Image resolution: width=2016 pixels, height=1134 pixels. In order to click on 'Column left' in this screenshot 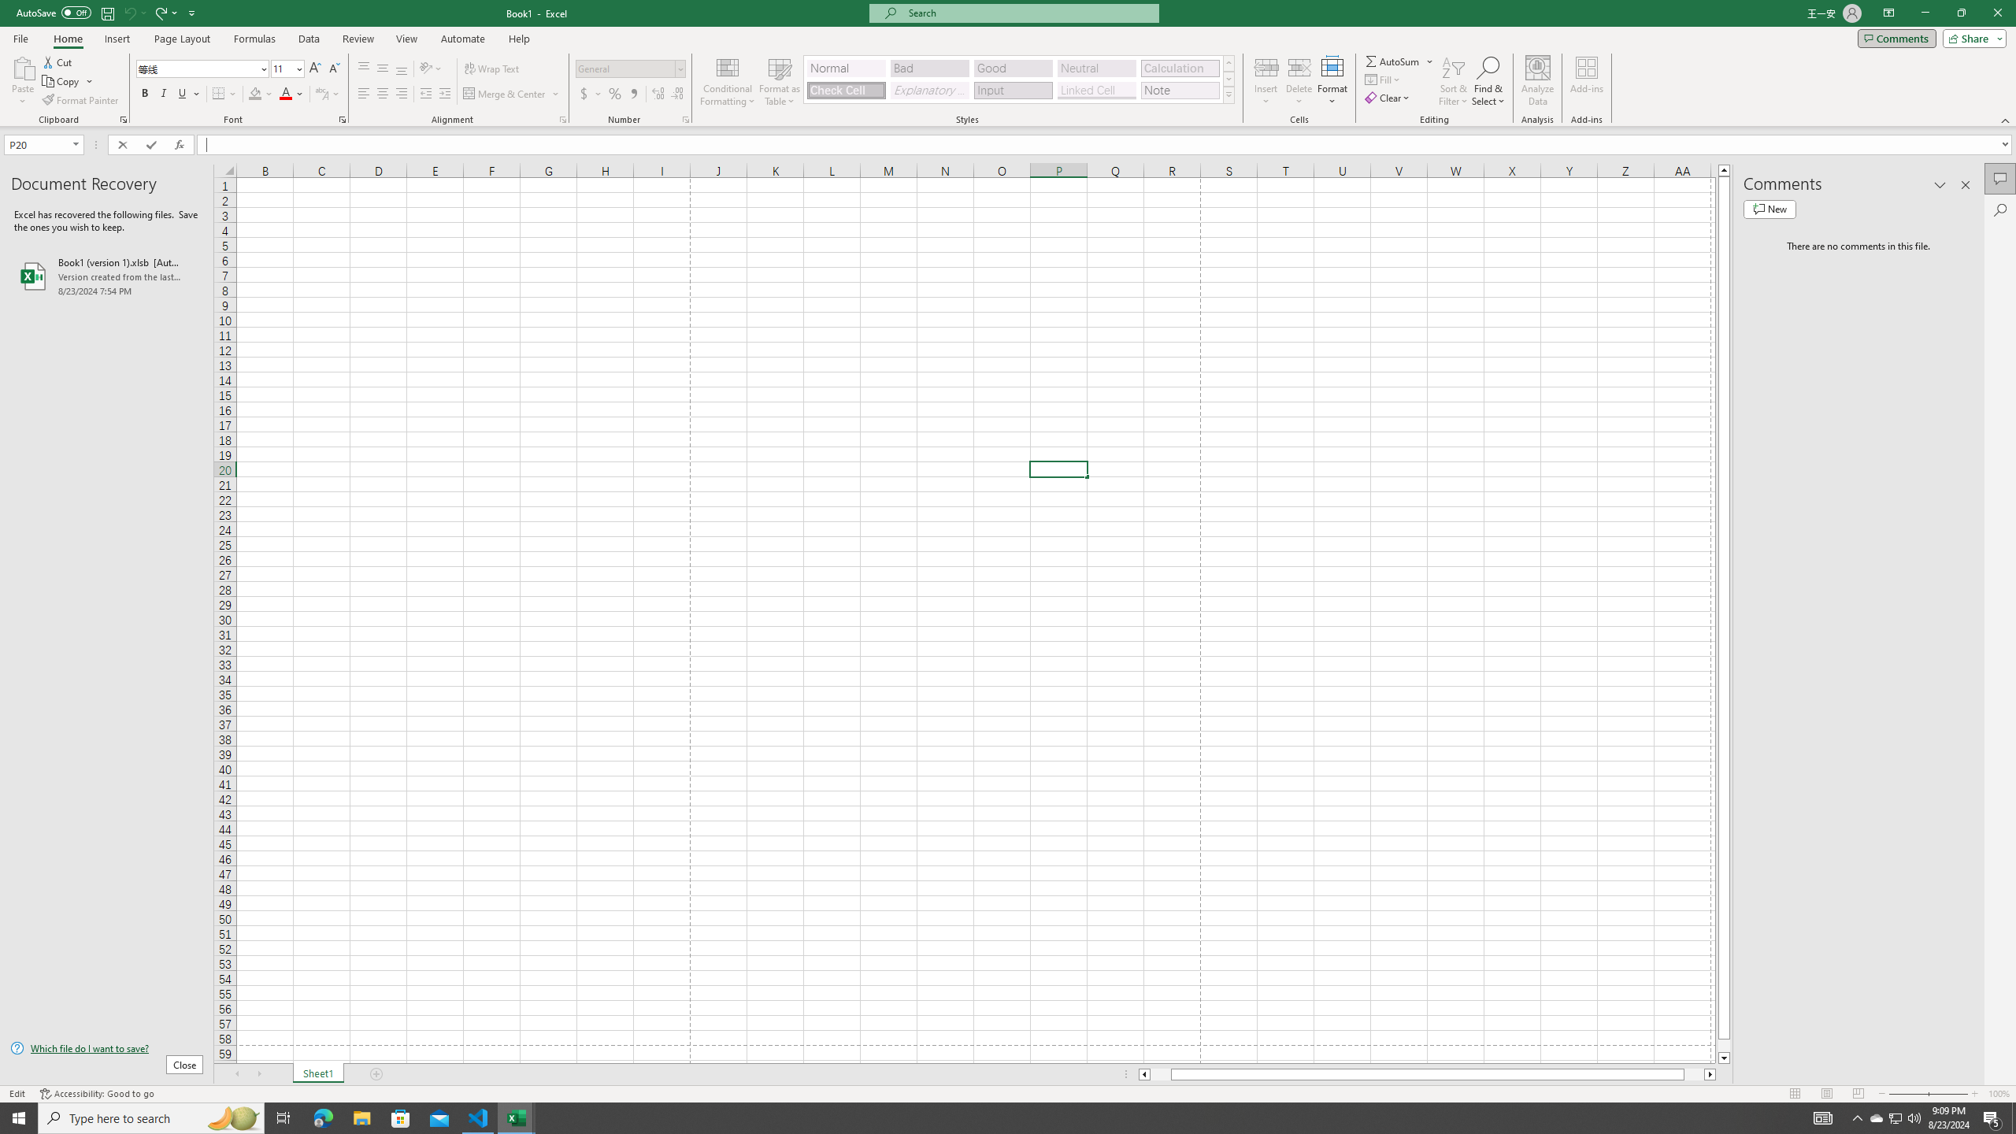, I will do `click(1143, 1073)`.